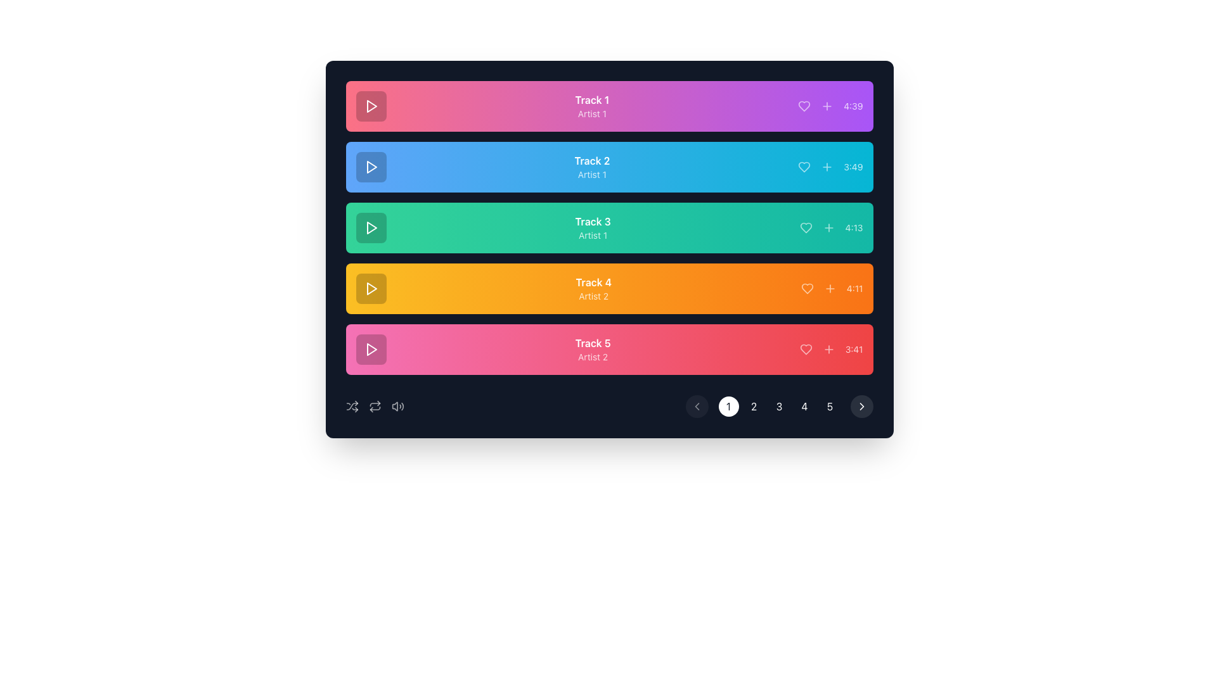 The height and width of the screenshot is (684, 1217). I want to click on the play icon located in the yellow track row labeled 'Track 4' to initiate playback of the track, so click(371, 288).